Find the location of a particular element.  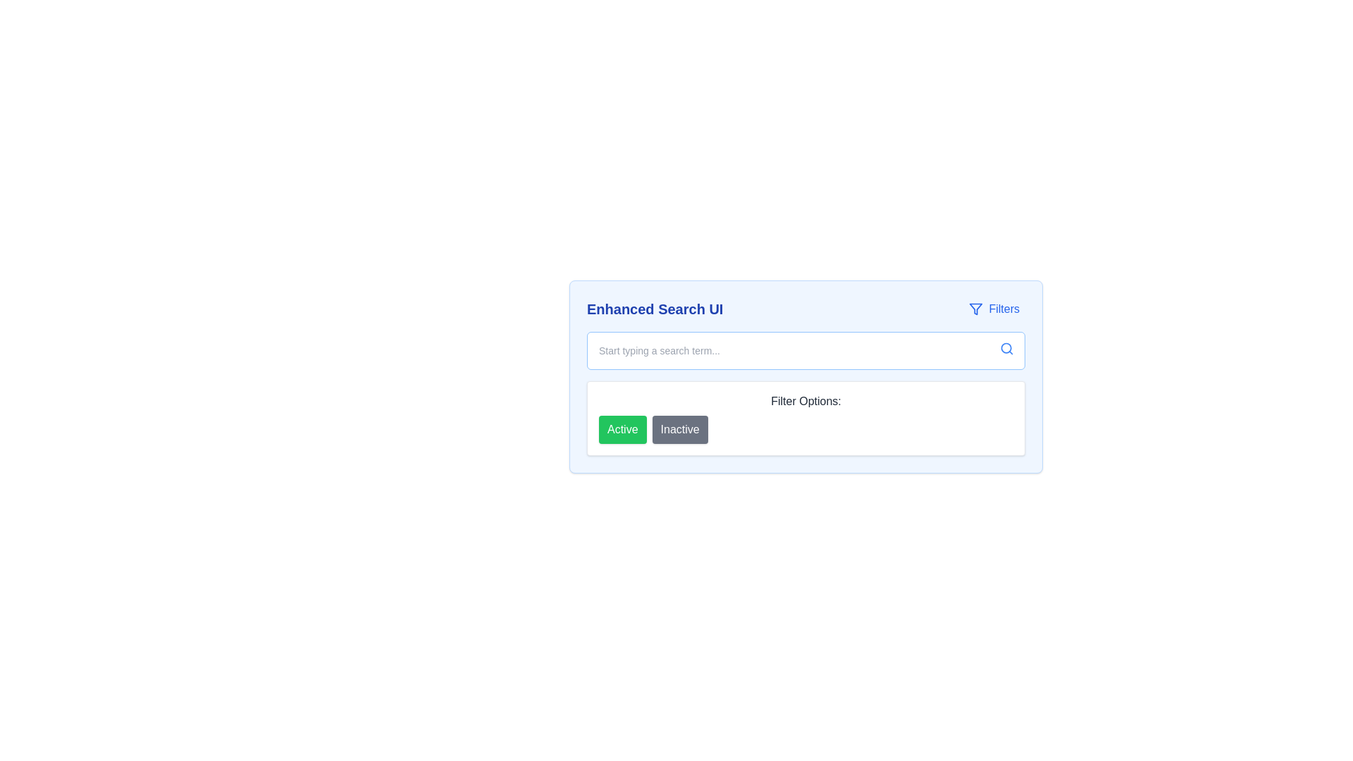

the bold, extra-large text element reading 'Enhanced Search UI' located at the top-left corner of the header section is located at coordinates (654, 309).